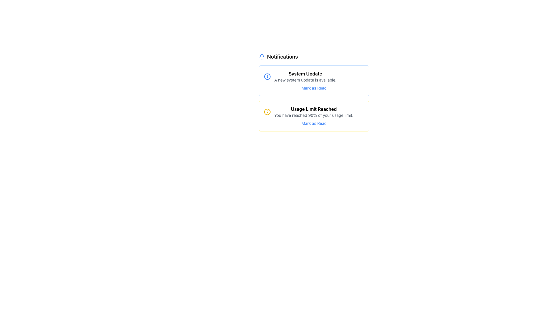 The image size is (552, 310). Describe the element at coordinates (314, 123) in the screenshot. I see `the 'Mark as Read' hyperlink styled in blue, located below the usage limit notification text in the yellow-bordered box` at that location.